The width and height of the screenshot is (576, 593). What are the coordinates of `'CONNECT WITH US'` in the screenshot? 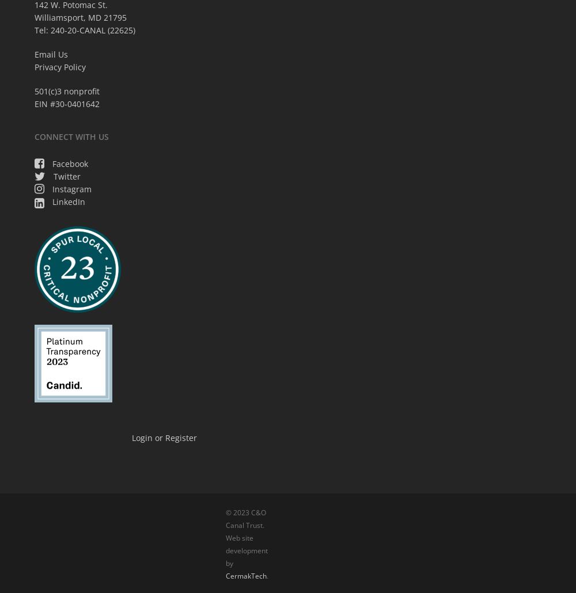 It's located at (71, 136).